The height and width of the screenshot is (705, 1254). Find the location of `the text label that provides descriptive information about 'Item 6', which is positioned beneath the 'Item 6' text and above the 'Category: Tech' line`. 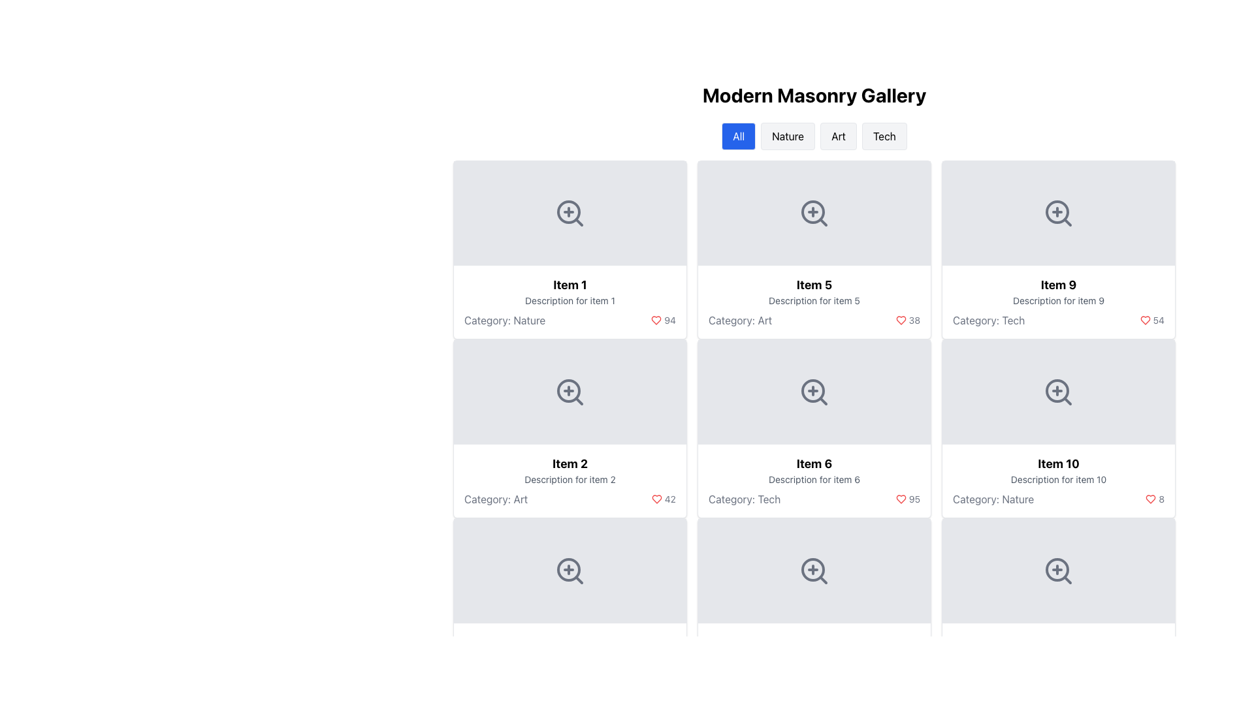

the text label that provides descriptive information about 'Item 6', which is positioned beneath the 'Item 6' text and above the 'Category: Tech' line is located at coordinates (814, 480).